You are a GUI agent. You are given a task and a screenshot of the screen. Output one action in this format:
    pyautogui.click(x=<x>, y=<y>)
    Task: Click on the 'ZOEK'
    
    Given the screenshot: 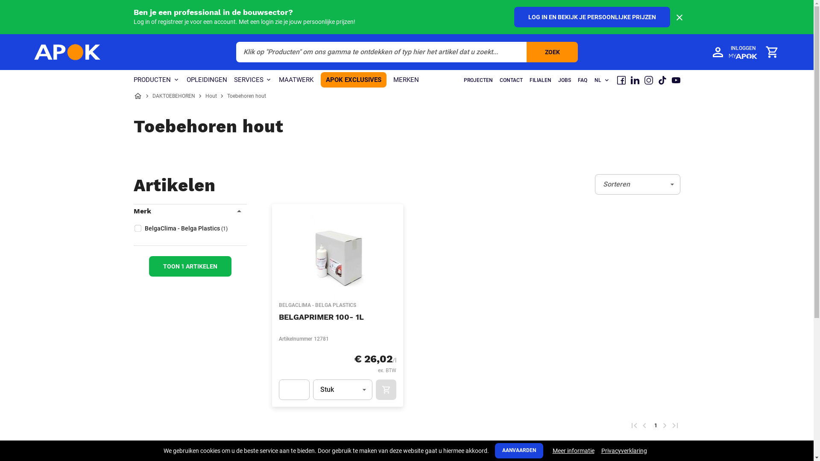 What is the action you would take?
    pyautogui.click(x=551, y=52)
    